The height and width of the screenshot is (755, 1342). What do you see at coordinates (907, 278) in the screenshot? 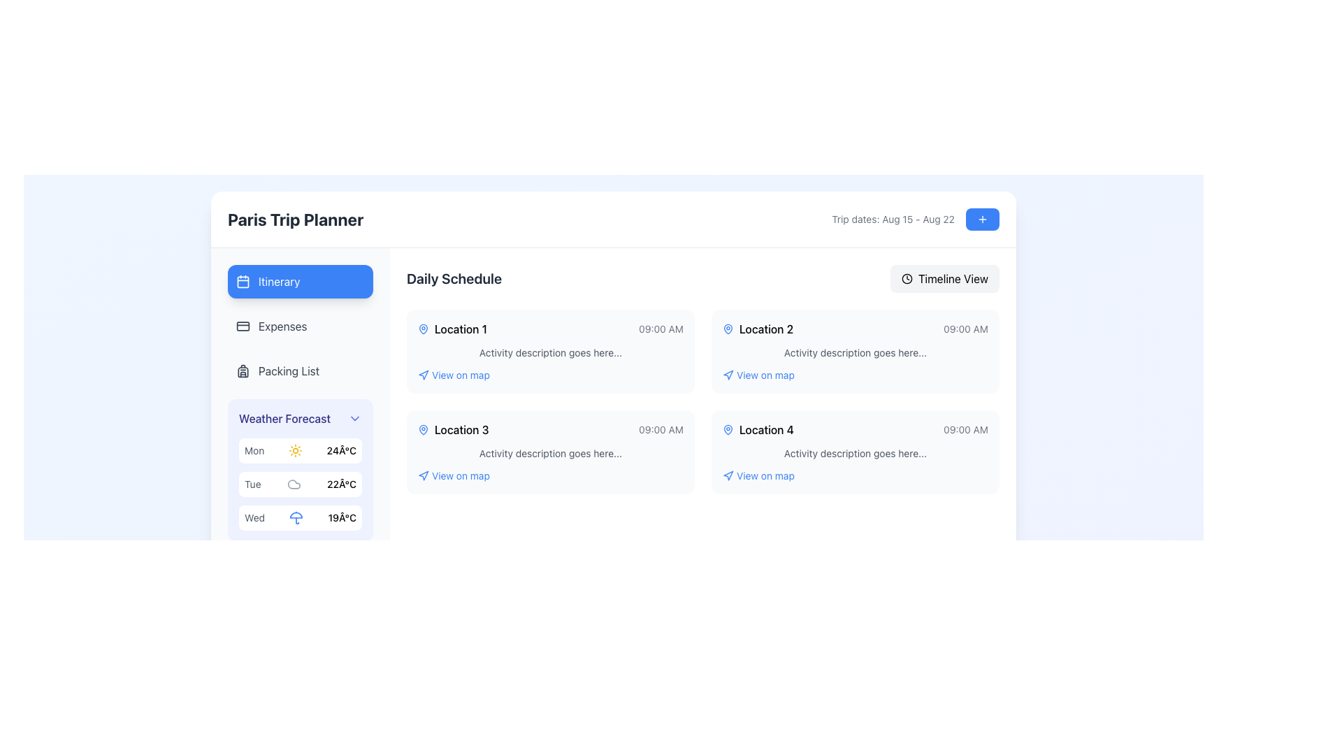
I see `the circle element that represents the clock icon, located in the top-right section of the interface adjacent to the 'Timeline View' button` at bounding box center [907, 278].